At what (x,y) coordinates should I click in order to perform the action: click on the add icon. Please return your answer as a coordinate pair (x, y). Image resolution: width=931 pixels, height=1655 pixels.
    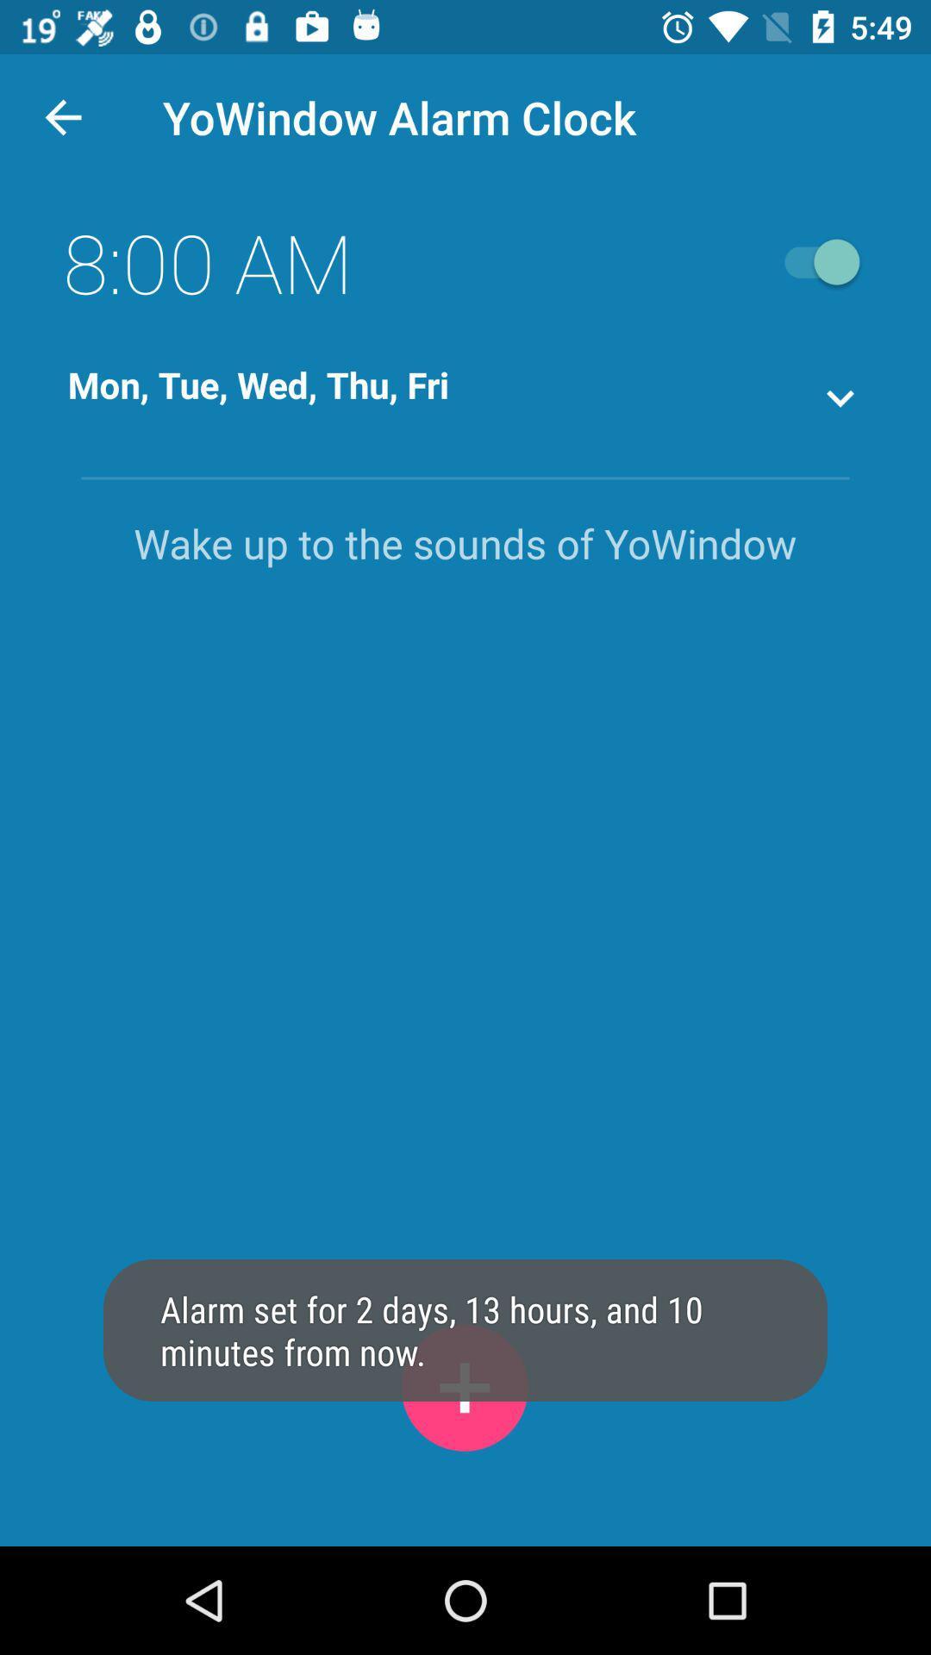
    Looking at the image, I should click on (464, 1388).